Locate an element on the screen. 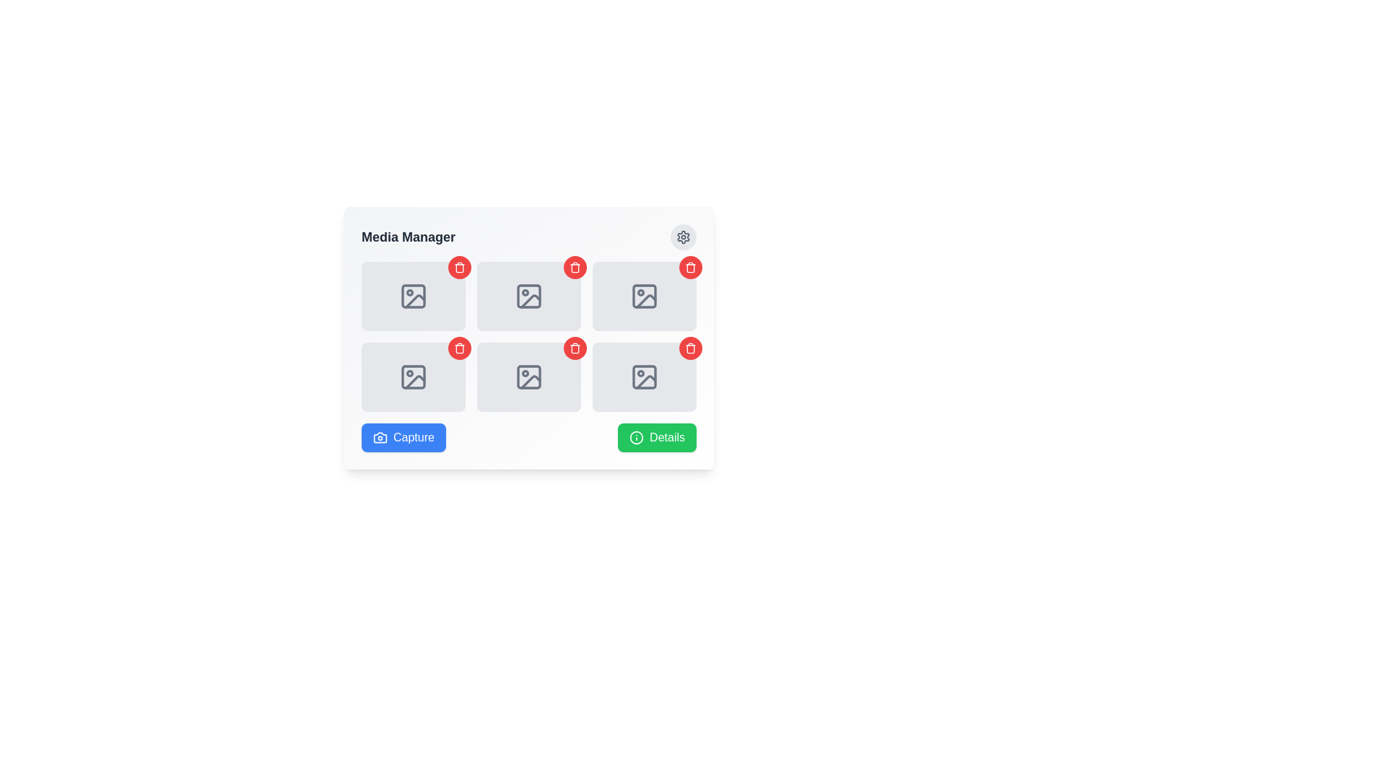  the 'Capture' button to indirectly click the image capture icon located to the left of the text label is located at coordinates (380, 436).